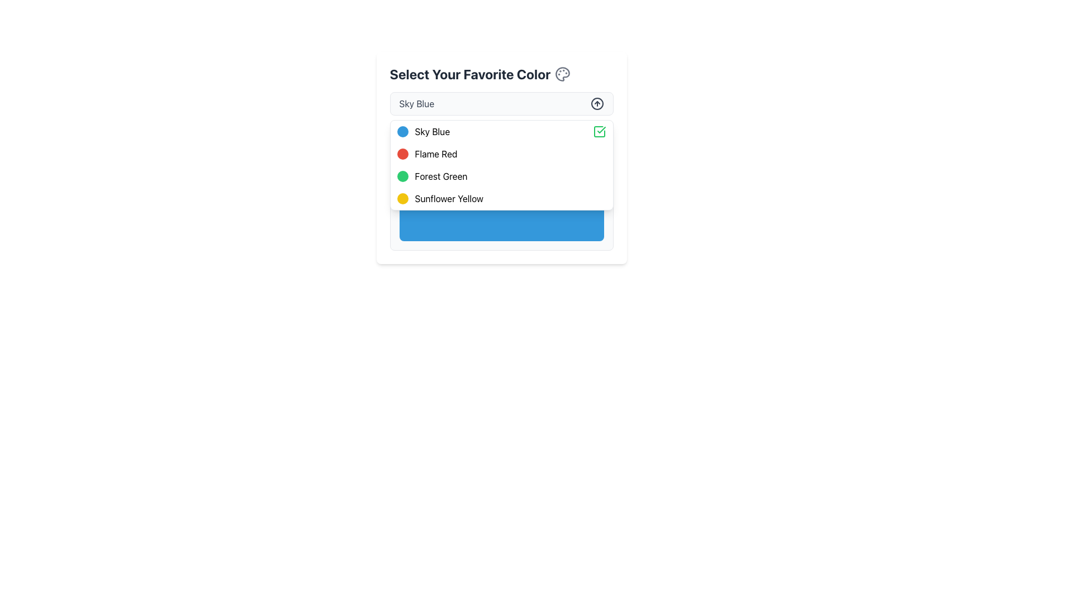 The height and width of the screenshot is (603, 1073). I want to click on the upward-pointing arrow icon located in the top-right corner of the dropdown-selection UI for colors, so click(596, 103).